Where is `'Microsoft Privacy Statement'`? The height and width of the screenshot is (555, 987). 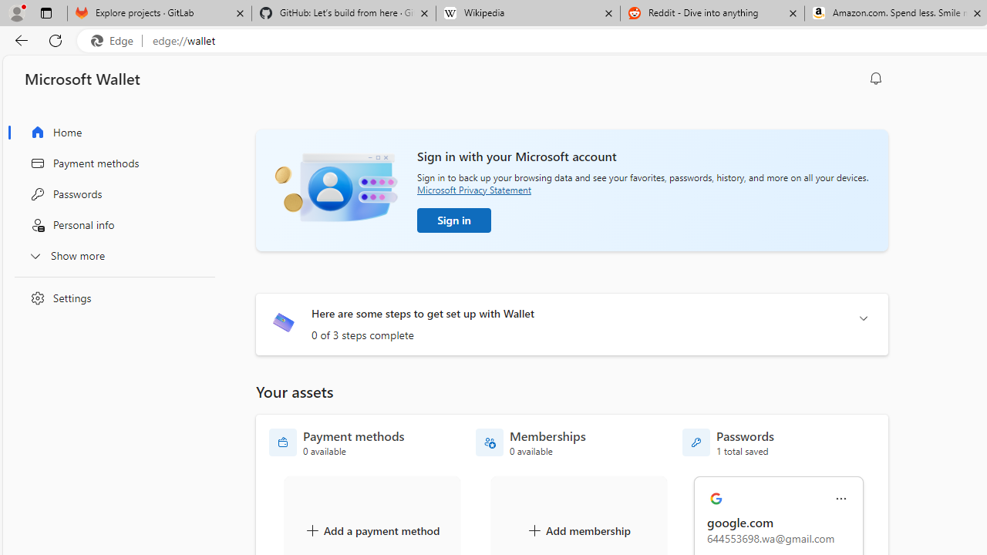 'Microsoft Privacy Statement' is located at coordinates (473, 189).